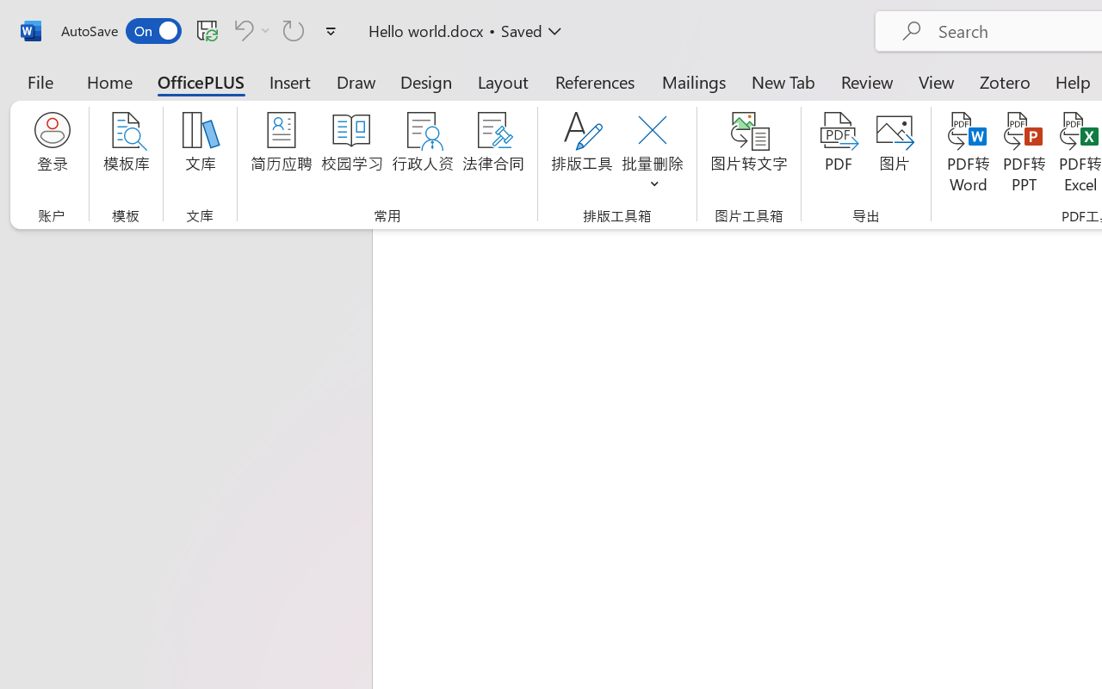 Image resolution: width=1102 pixels, height=689 pixels. Describe the element at coordinates (120, 30) in the screenshot. I see `'AutoSave'` at that location.